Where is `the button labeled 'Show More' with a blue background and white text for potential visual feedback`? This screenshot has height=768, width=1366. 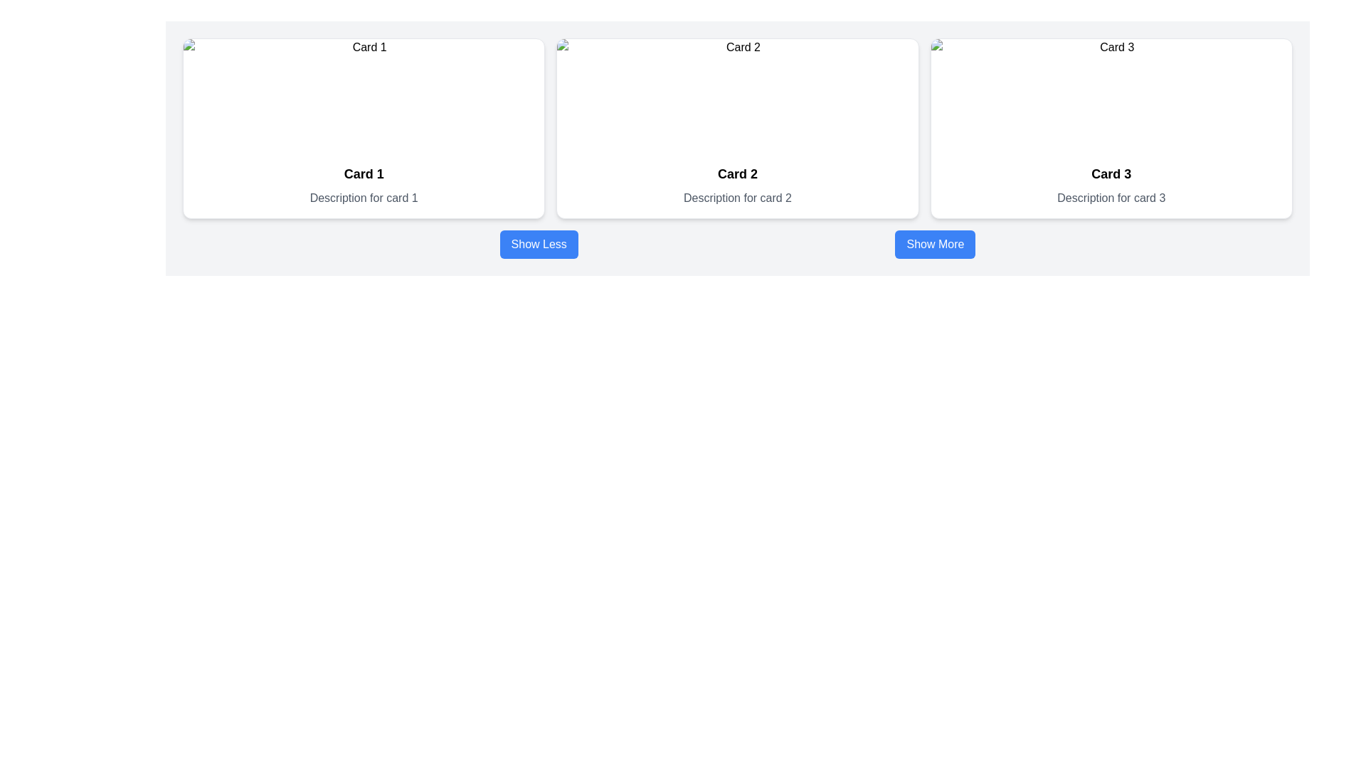 the button labeled 'Show More' with a blue background and white text for potential visual feedback is located at coordinates (935, 243).